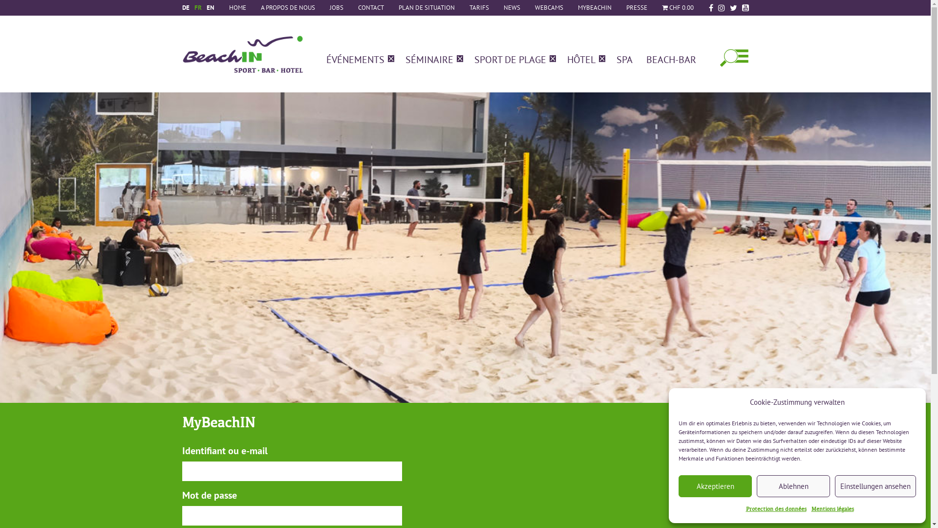 The image size is (938, 528). What do you see at coordinates (624, 60) in the screenshot?
I see `'SPA'` at bounding box center [624, 60].